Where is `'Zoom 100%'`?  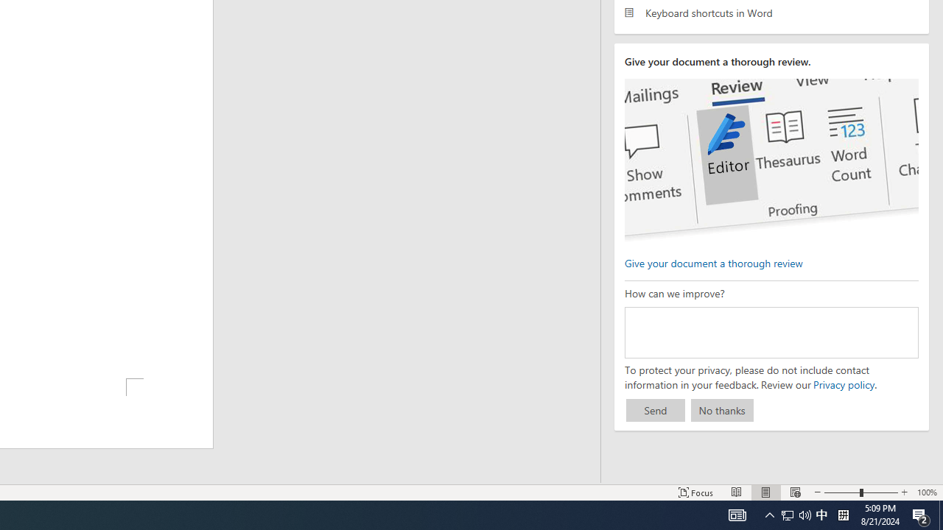
'Zoom 100%' is located at coordinates (926, 492).